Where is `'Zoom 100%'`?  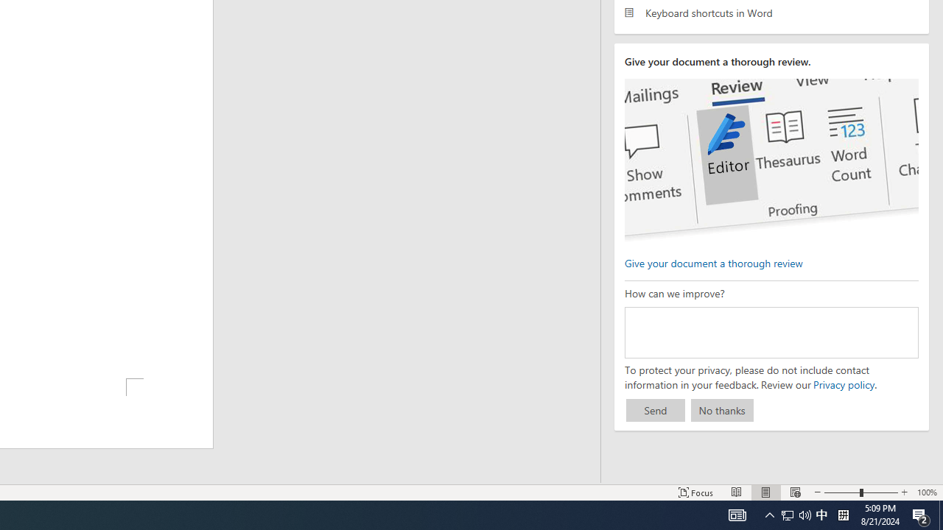
'Zoom 100%' is located at coordinates (926, 492).